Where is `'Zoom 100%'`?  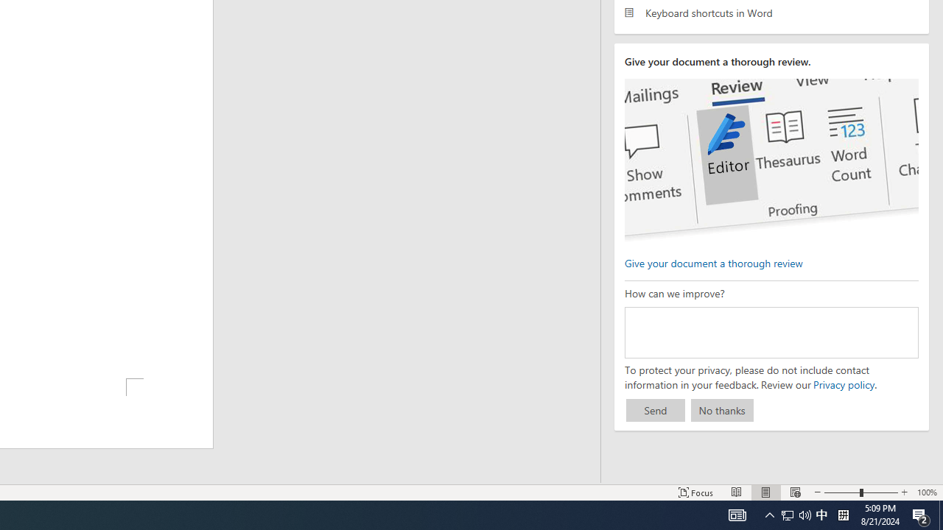
'Zoom 100%' is located at coordinates (926, 492).